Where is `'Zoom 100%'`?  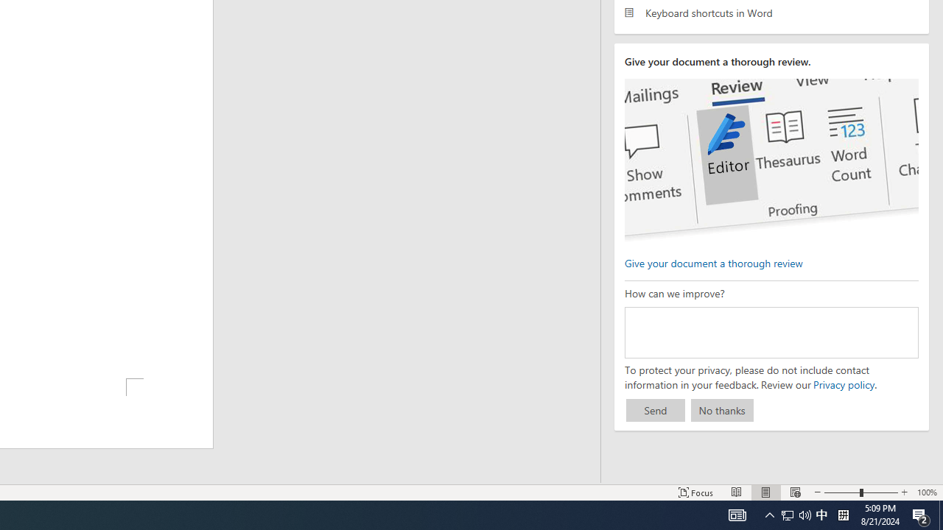
'Zoom 100%' is located at coordinates (926, 492).